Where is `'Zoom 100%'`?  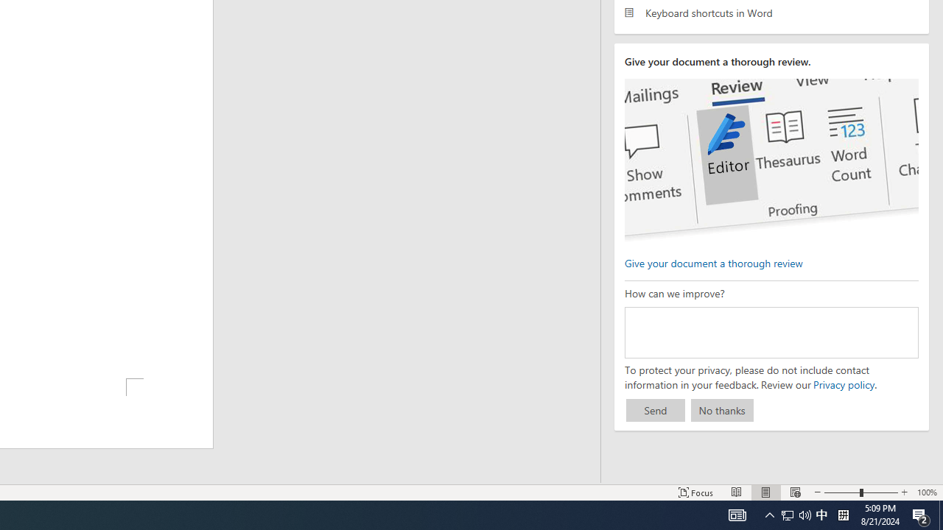
'Zoom 100%' is located at coordinates (926, 492).